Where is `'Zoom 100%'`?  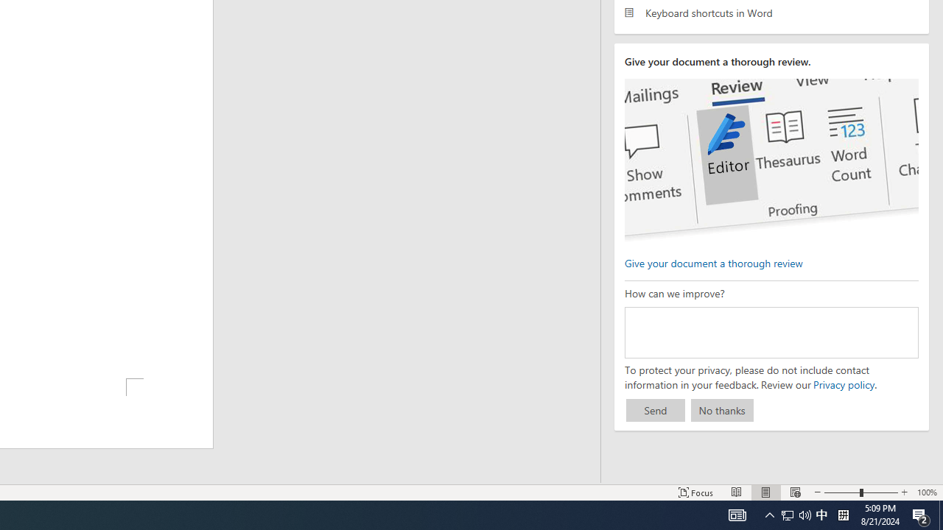
'Zoom 100%' is located at coordinates (926, 492).